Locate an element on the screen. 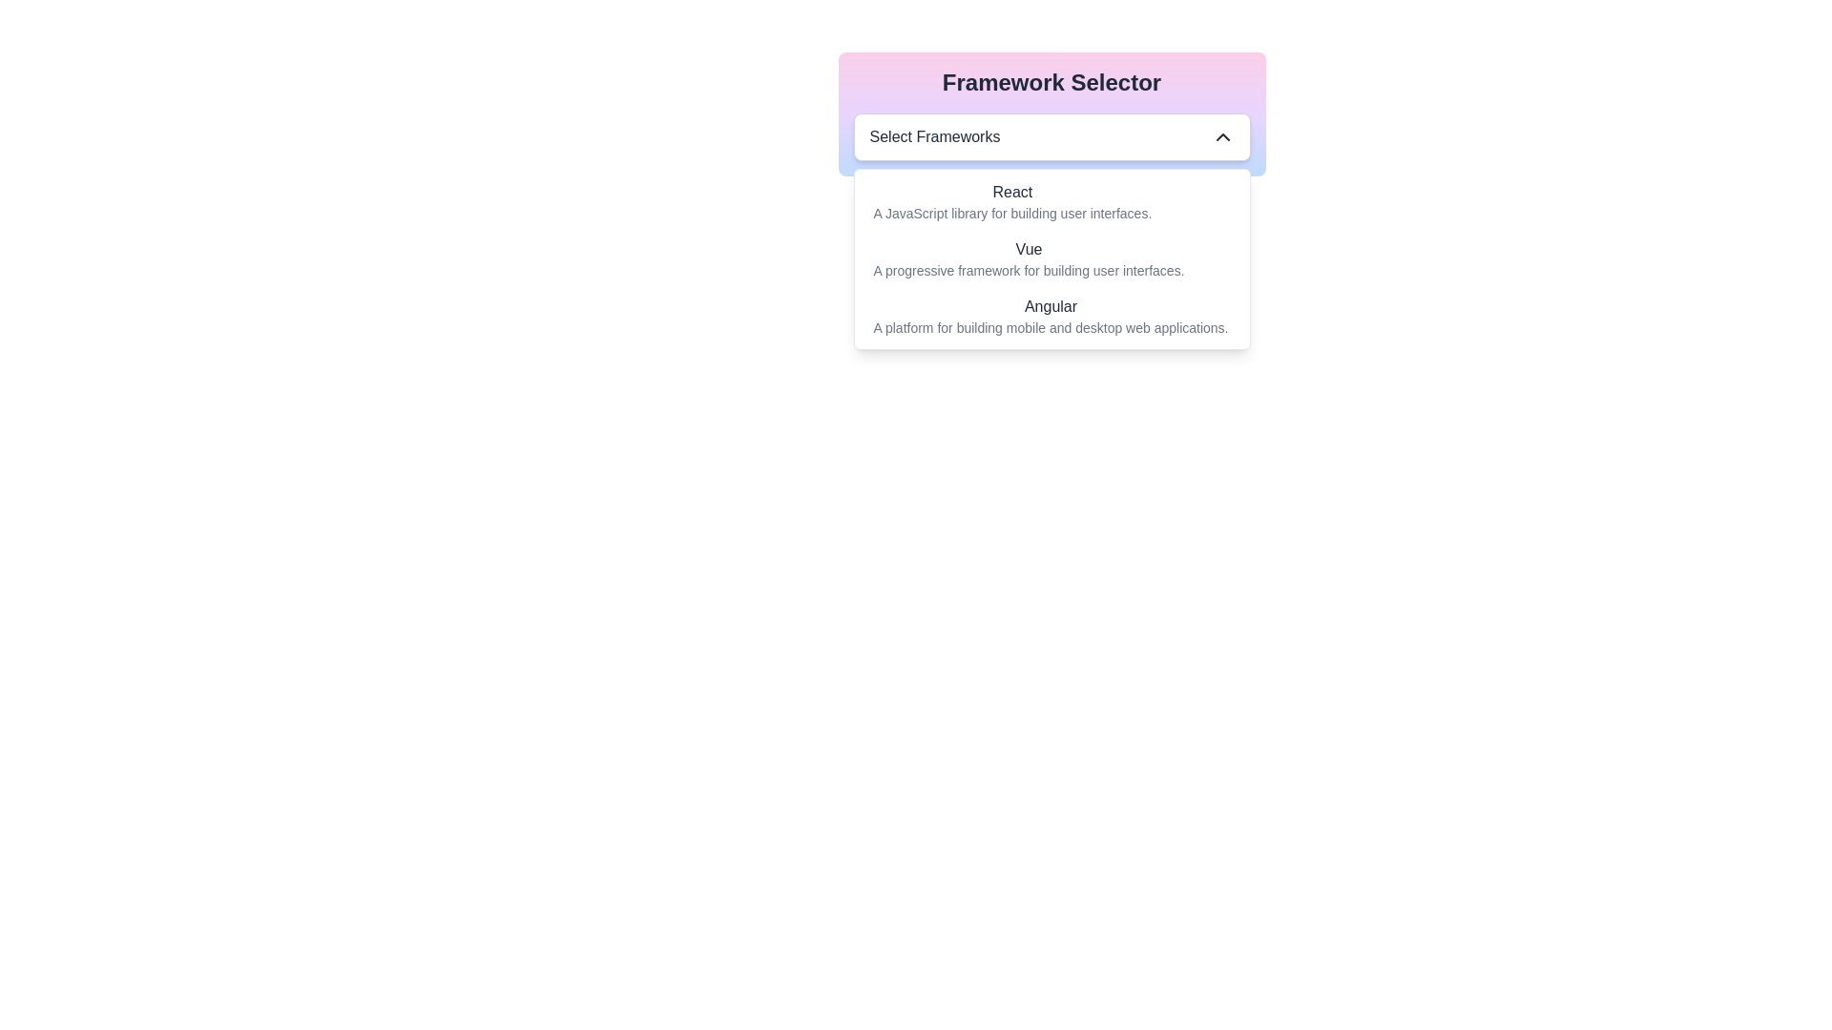 The image size is (1832, 1030). the third list item in the dropdown menu labeled 'Select Frameworks', which contains the bold text 'Angular' and the description 'A platform for building mobile and desktop web applications.' is located at coordinates (1050, 315).